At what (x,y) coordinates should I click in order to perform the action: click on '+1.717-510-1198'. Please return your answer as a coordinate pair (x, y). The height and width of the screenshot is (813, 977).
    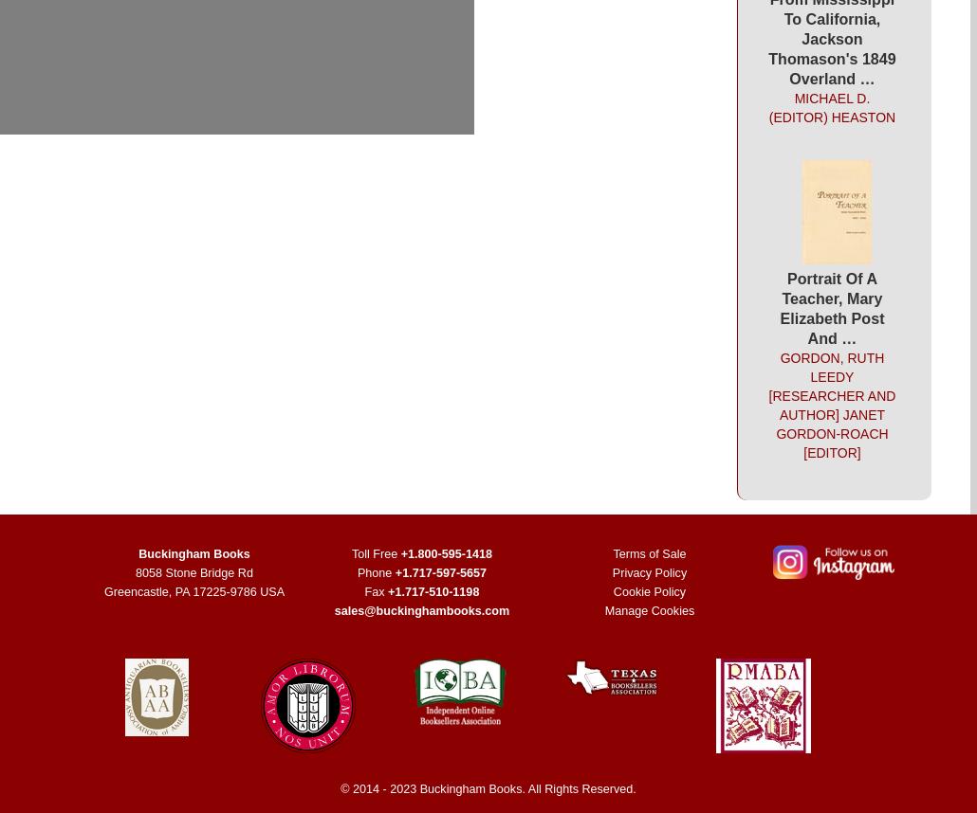
    Looking at the image, I should click on (433, 591).